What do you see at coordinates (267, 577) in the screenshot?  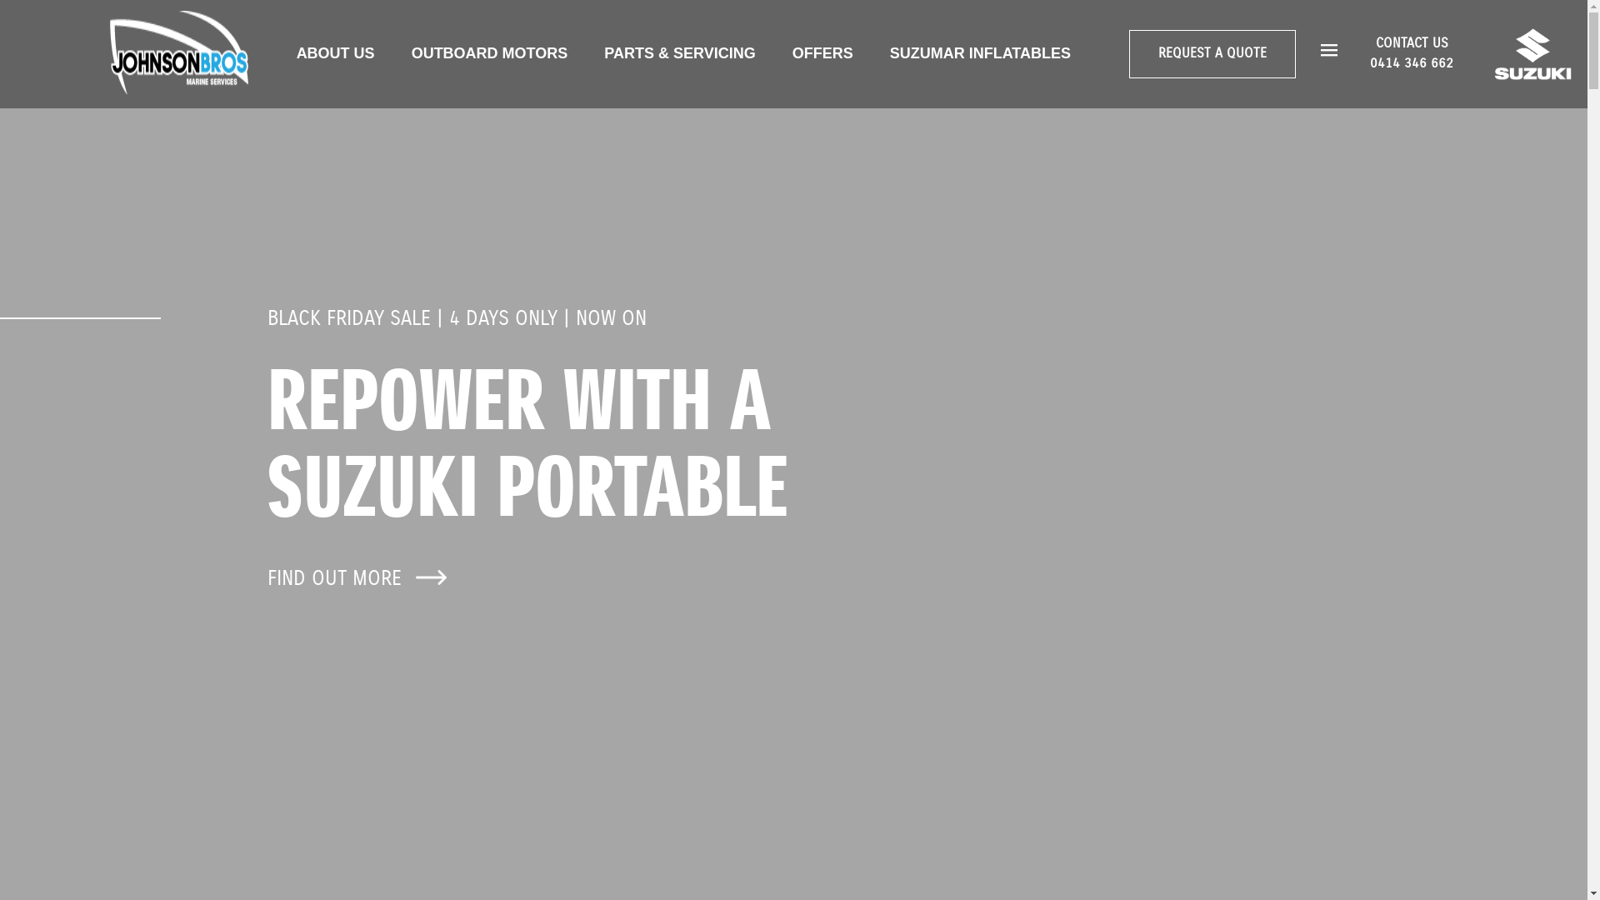 I see `'FIND OUT MORE'` at bounding box center [267, 577].